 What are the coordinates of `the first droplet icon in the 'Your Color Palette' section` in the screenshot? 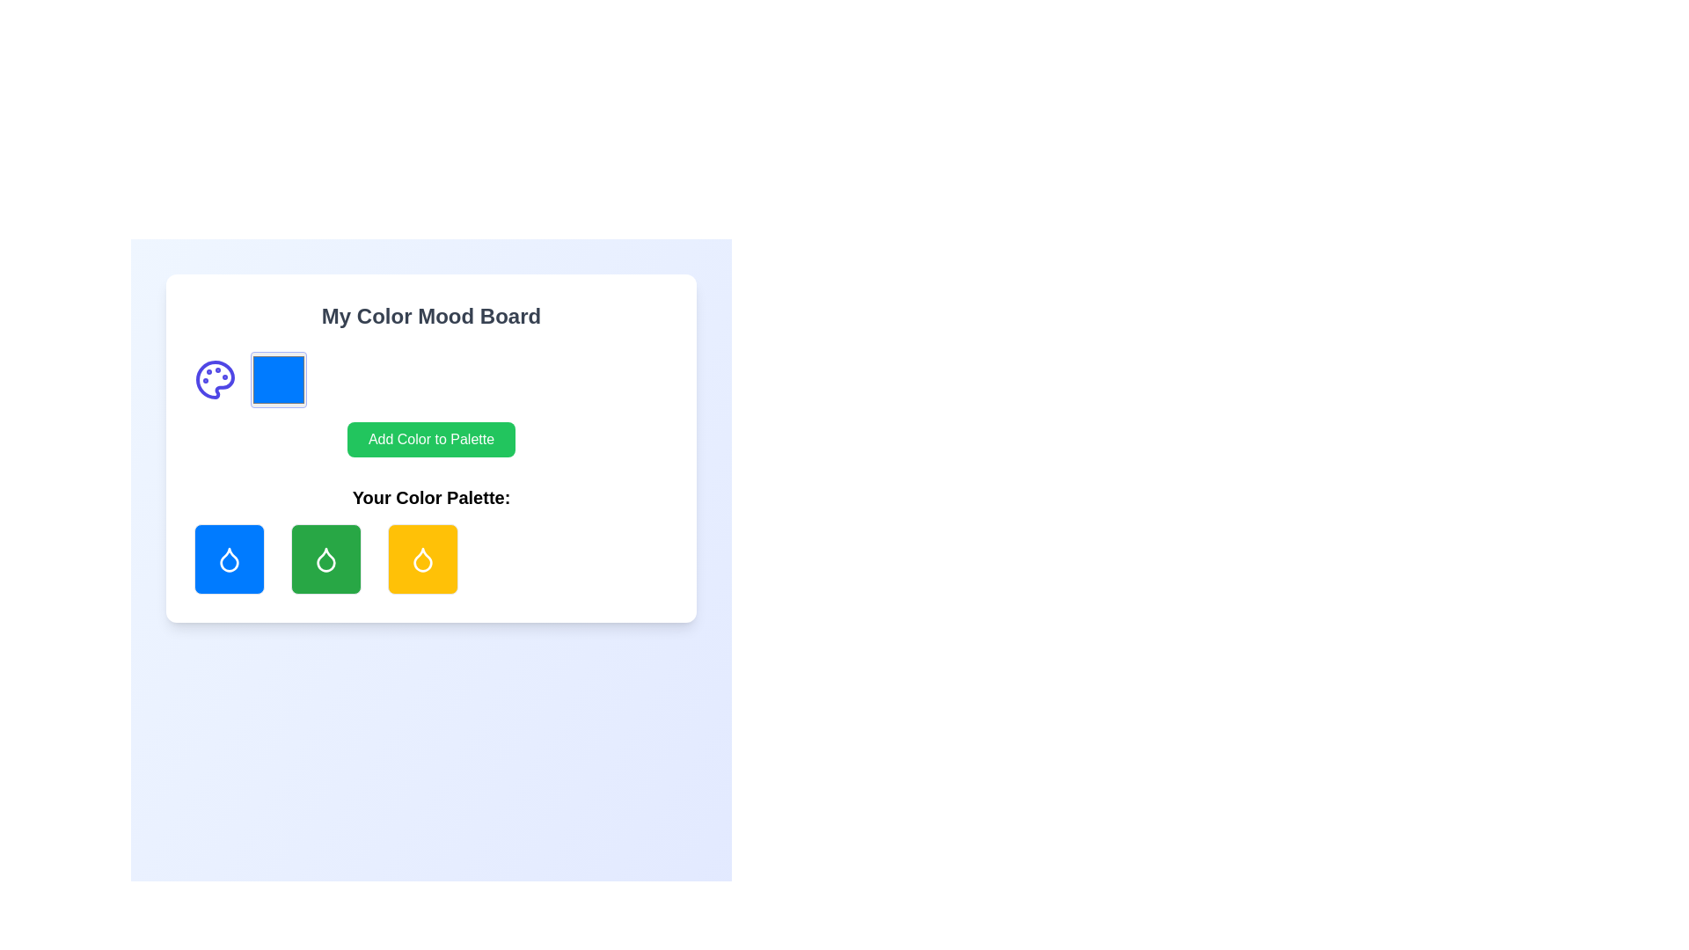 It's located at (228, 559).